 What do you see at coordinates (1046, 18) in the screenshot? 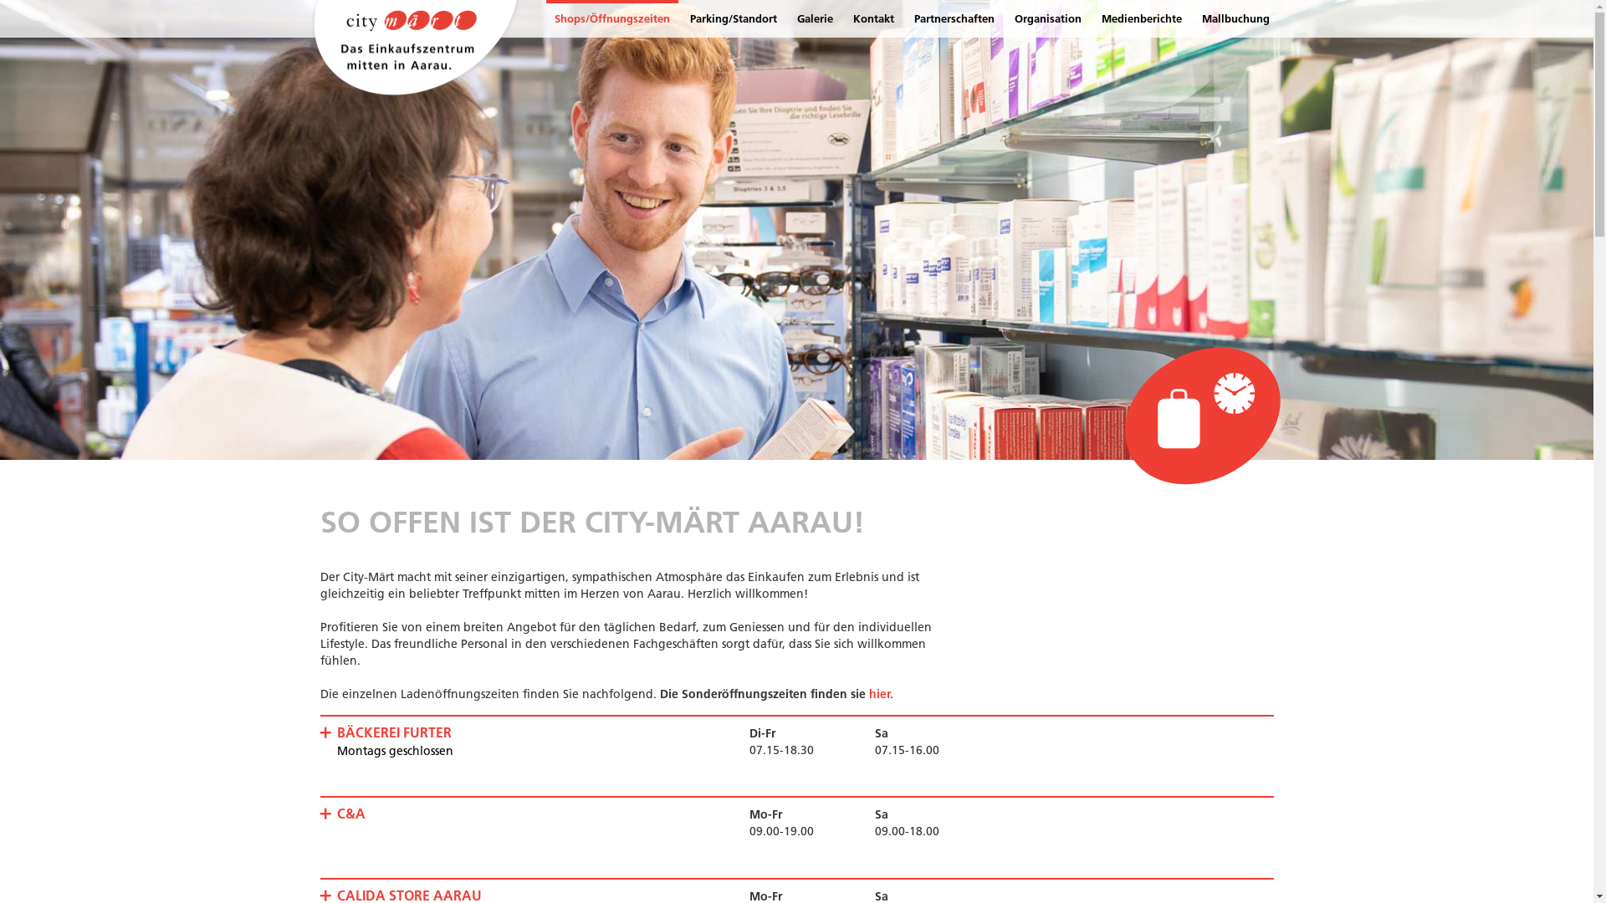
I see `'Organisation'` at bounding box center [1046, 18].